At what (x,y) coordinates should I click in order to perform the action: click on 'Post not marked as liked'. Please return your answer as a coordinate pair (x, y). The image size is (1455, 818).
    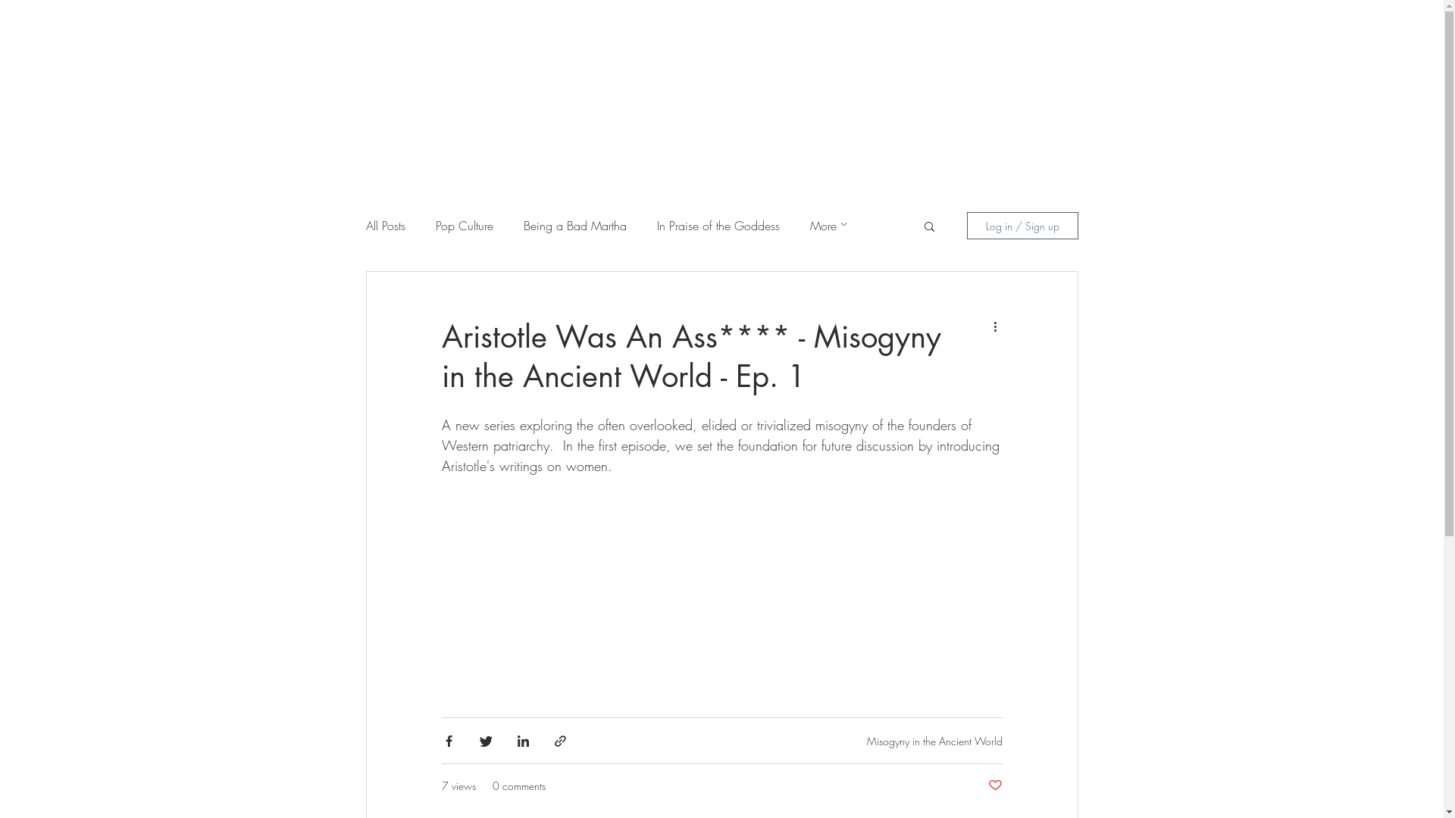
    Looking at the image, I should click on (995, 785).